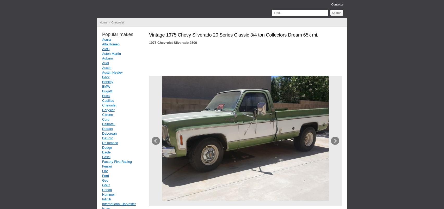  I want to click on 'Aston Martin', so click(102, 53).